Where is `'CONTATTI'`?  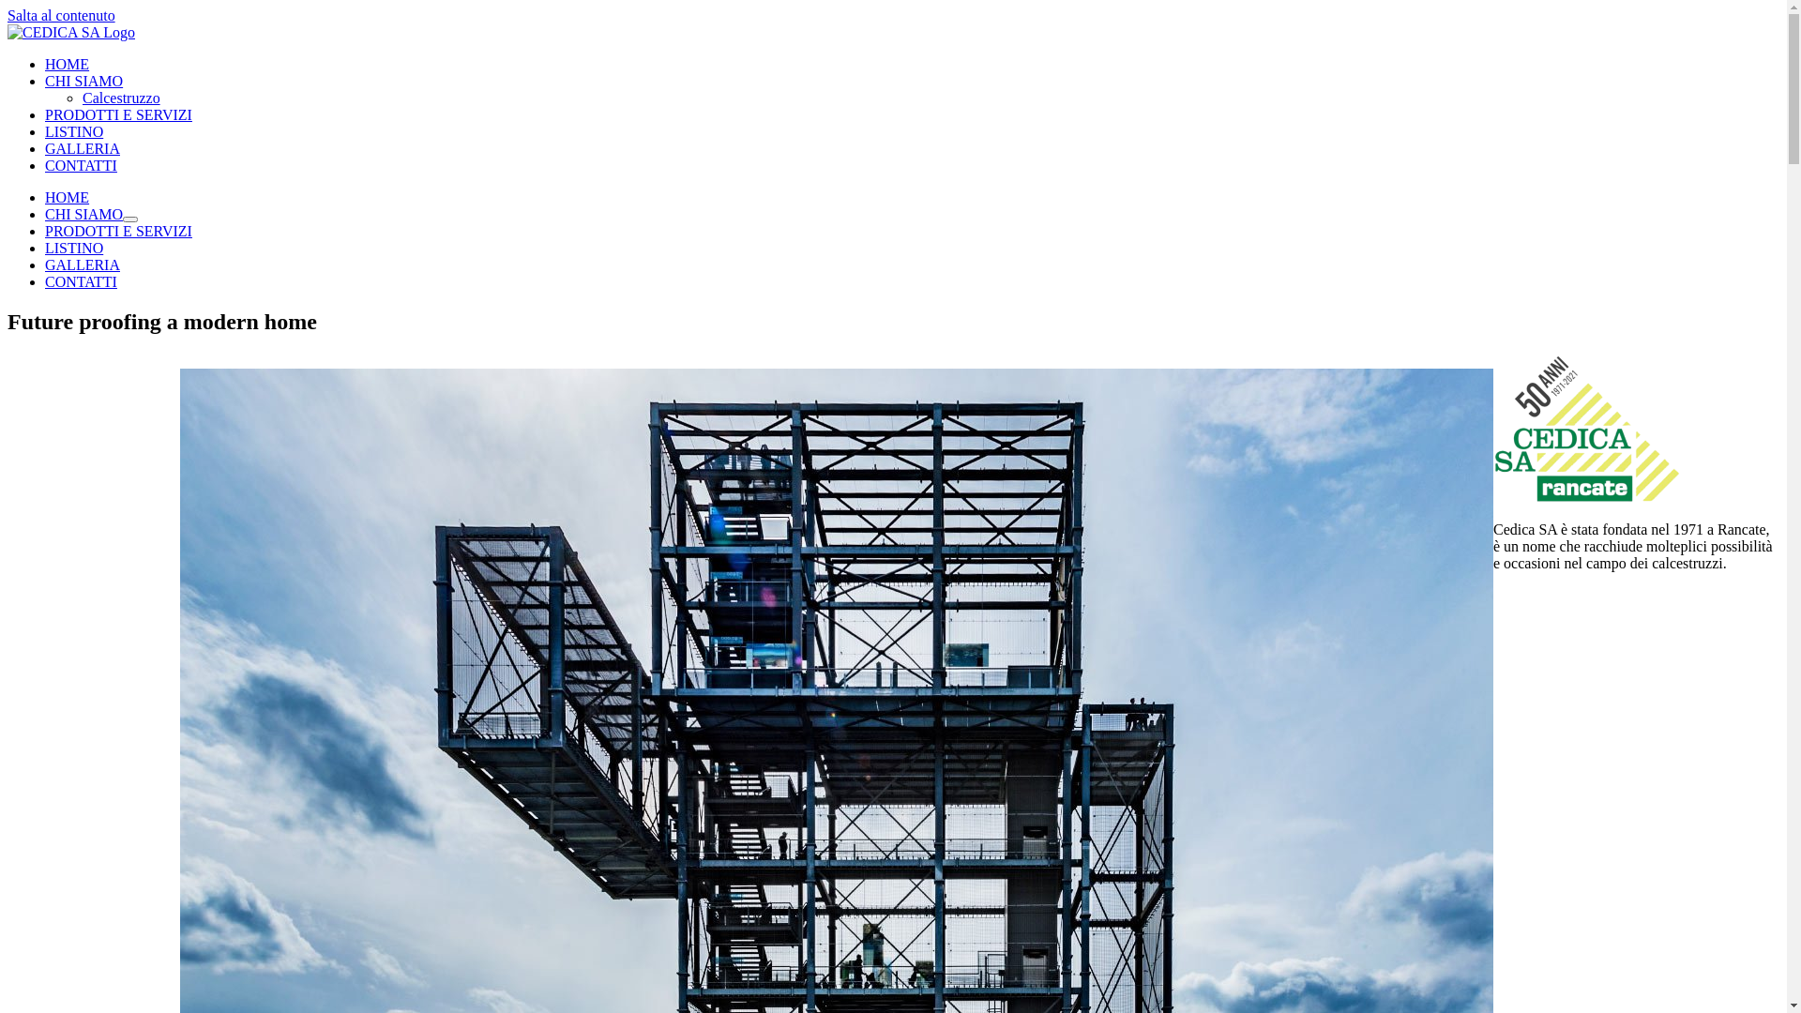
'CONTATTI' is located at coordinates (80, 281).